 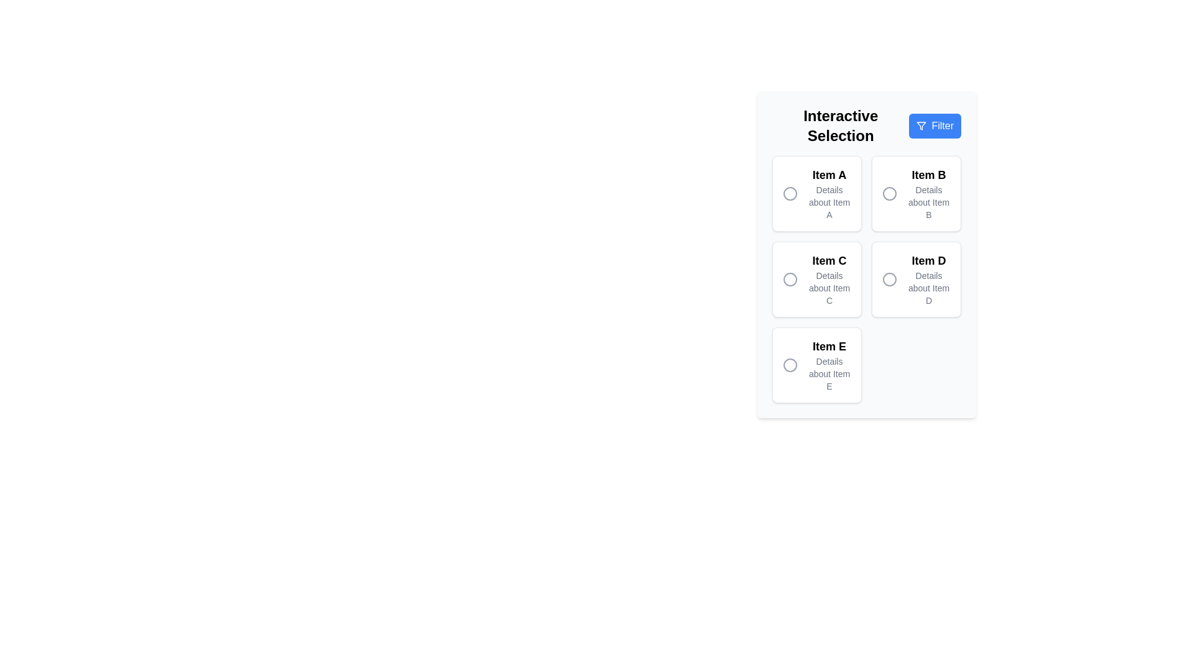 What do you see at coordinates (790, 194) in the screenshot?
I see `the radio button for 'Item A'` at bounding box center [790, 194].